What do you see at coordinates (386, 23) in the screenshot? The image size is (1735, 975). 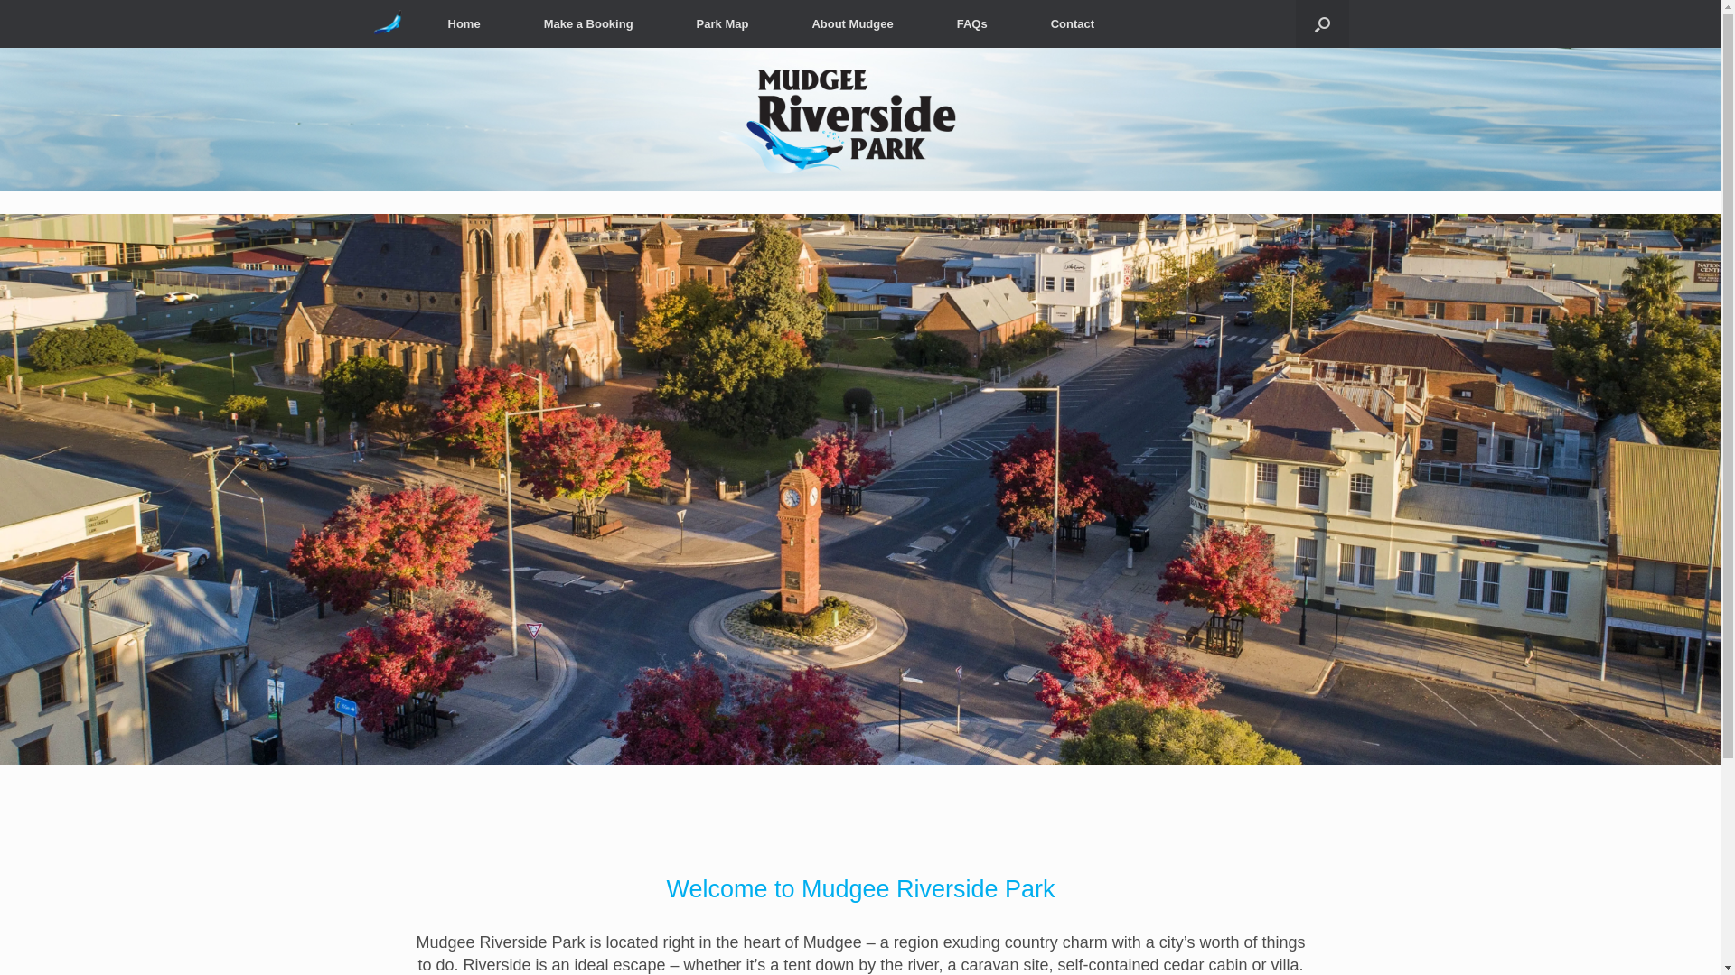 I see `'Mudgee Riverside Park'` at bounding box center [386, 23].